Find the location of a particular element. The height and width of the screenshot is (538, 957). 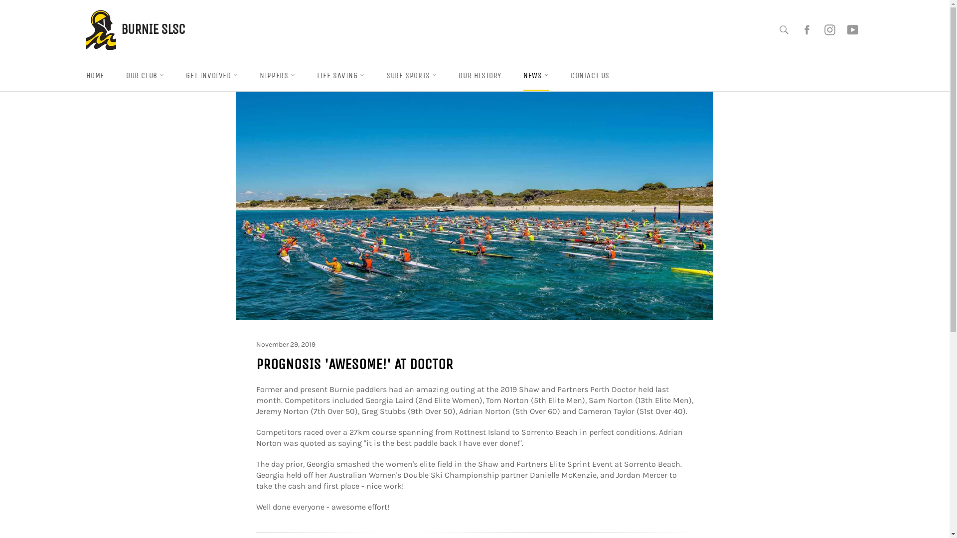

'NIPPERS' is located at coordinates (249, 75).